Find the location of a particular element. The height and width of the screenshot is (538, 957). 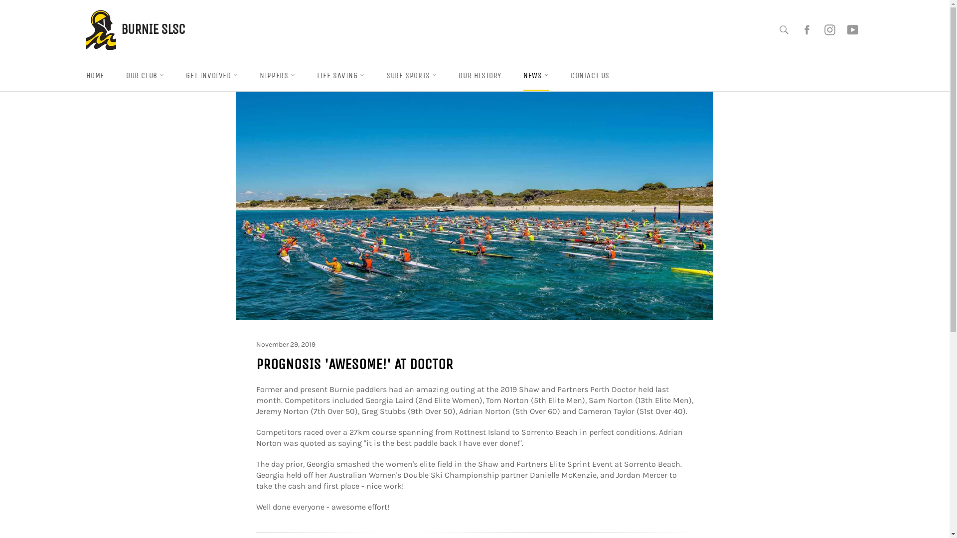

'NIPPERS' is located at coordinates (249, 75).